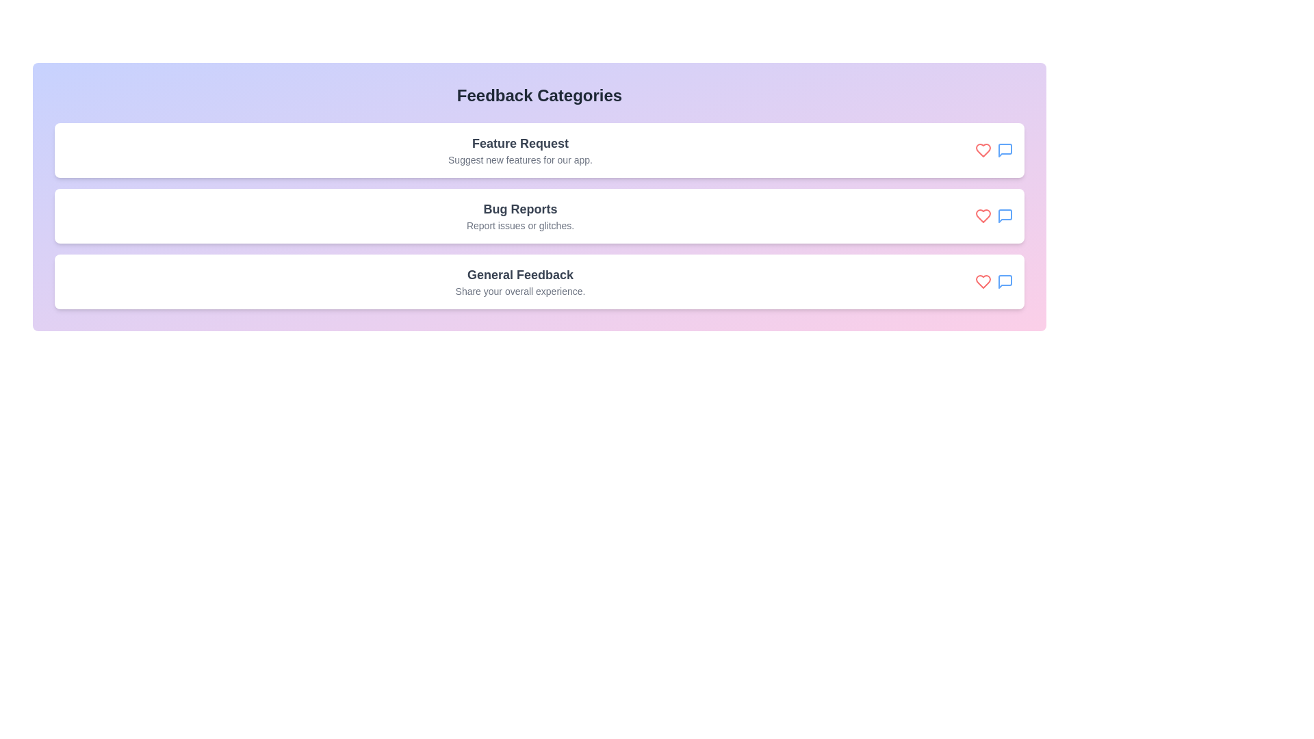  I want to click on the comment icon for the feedback category Feature Request, so click(1005, 150).